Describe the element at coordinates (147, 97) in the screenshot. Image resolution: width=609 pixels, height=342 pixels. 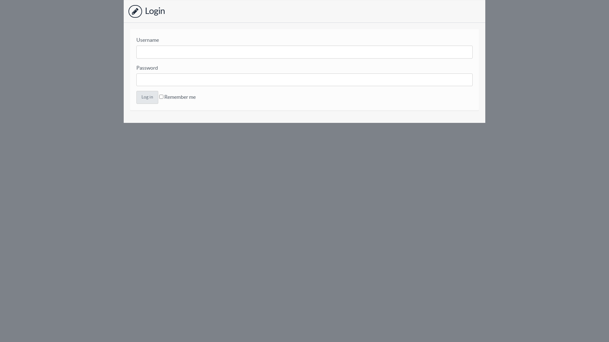
I see `'Log in'` at that location.